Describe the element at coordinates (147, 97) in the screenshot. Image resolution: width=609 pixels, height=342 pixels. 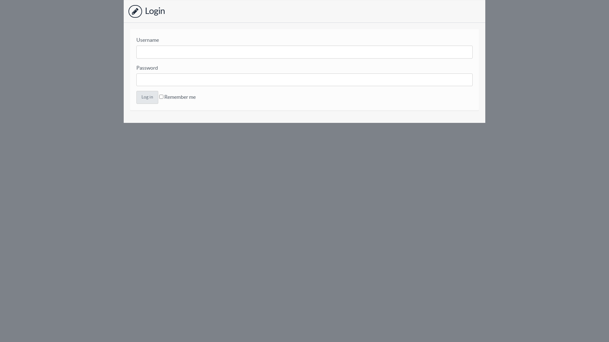
I see `'Log in'` at that location.